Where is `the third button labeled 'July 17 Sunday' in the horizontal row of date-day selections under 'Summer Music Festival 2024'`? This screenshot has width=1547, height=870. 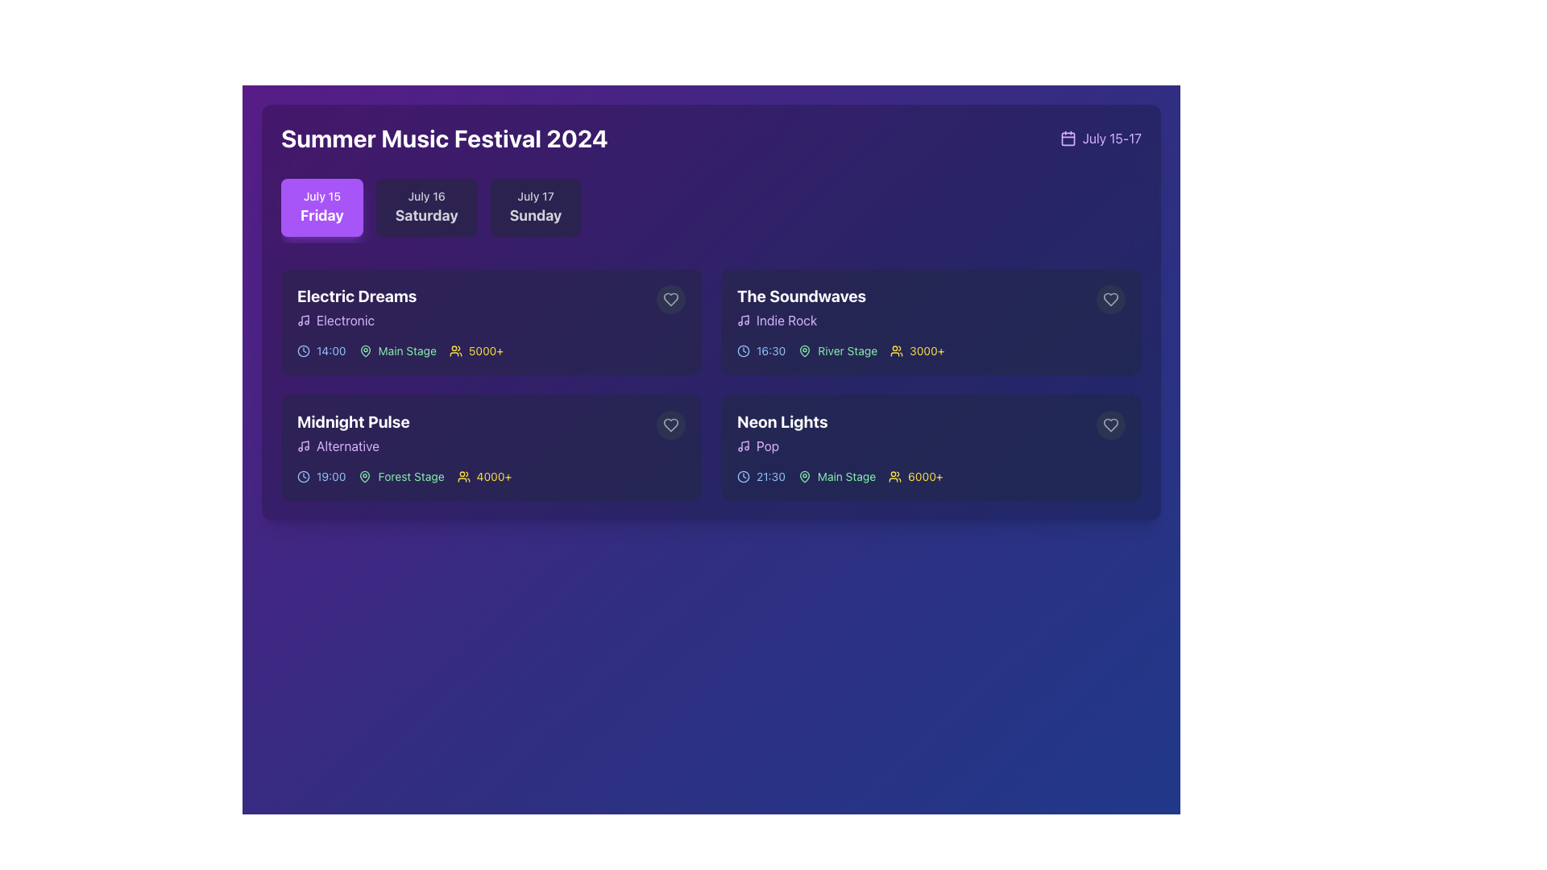 the third button labeled 'July 17 Sunday' in the horizontal row of date-day selections under 'Summer Music Festival 2024' is located at coordinates (536, 207).